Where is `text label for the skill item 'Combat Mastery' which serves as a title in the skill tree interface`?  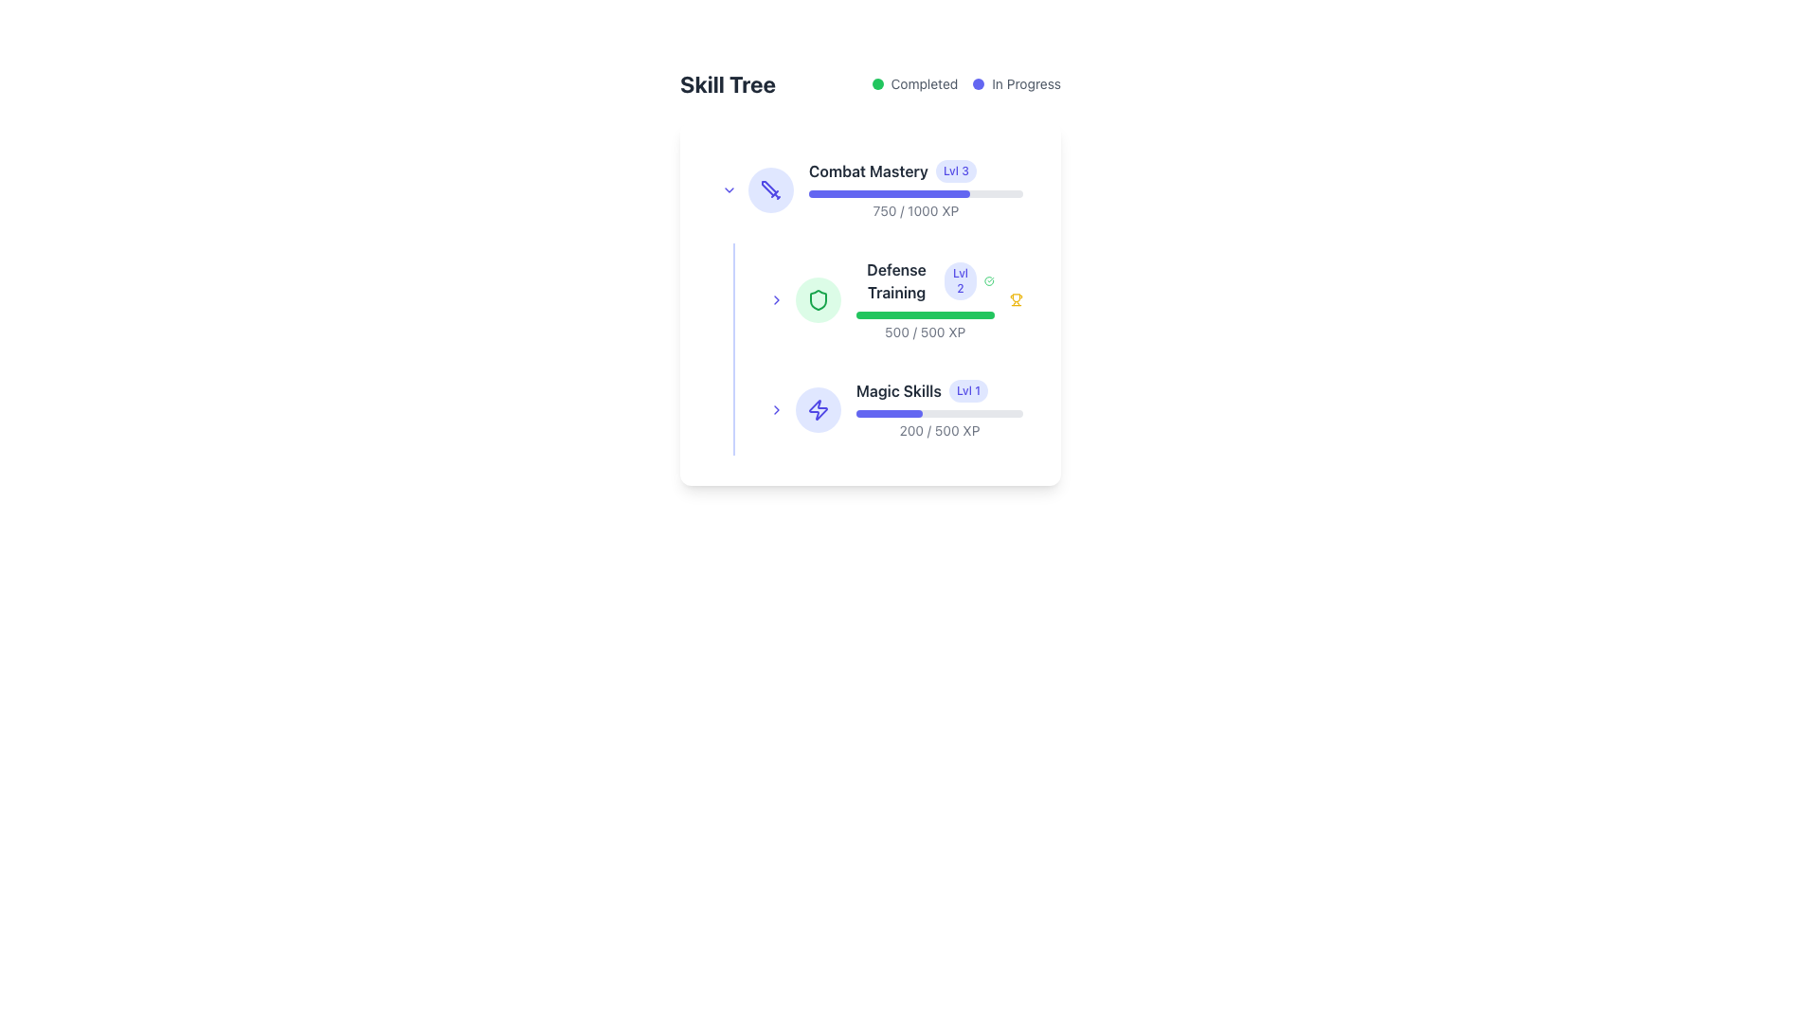 text label for the skill item 'Combat Mastery' which serves as a title in the skill tree interface is located at coordinates (867, 171).